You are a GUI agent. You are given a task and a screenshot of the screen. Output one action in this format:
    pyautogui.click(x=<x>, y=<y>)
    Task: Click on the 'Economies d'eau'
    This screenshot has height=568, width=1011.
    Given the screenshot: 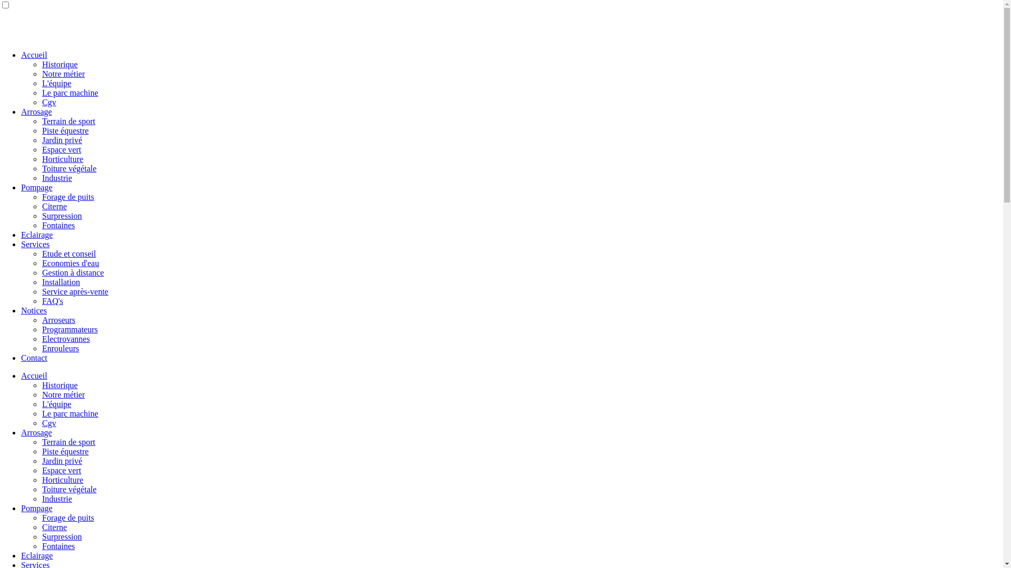 What is the action you would take?
    pyautogui.click(x=42, y=262)
    